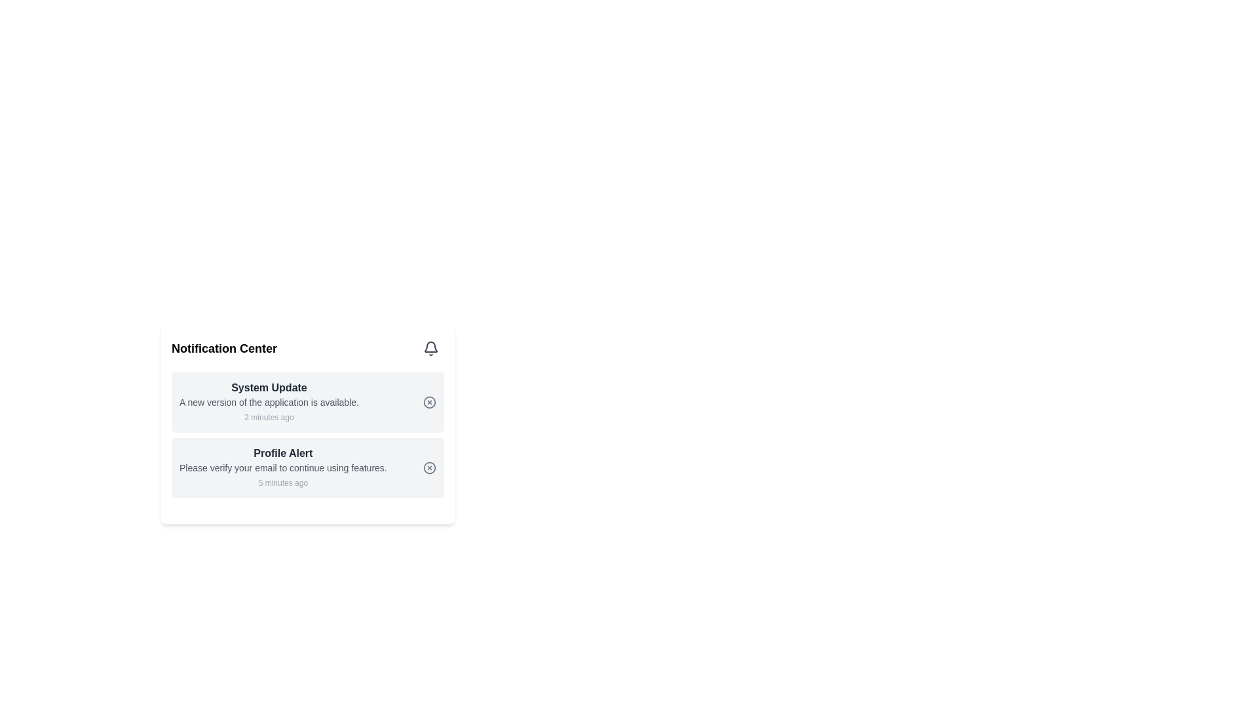 The image size is (1258, 708). I want to click on the bell icon located at the center-top of the 'Notification Center', so click(430, 348).